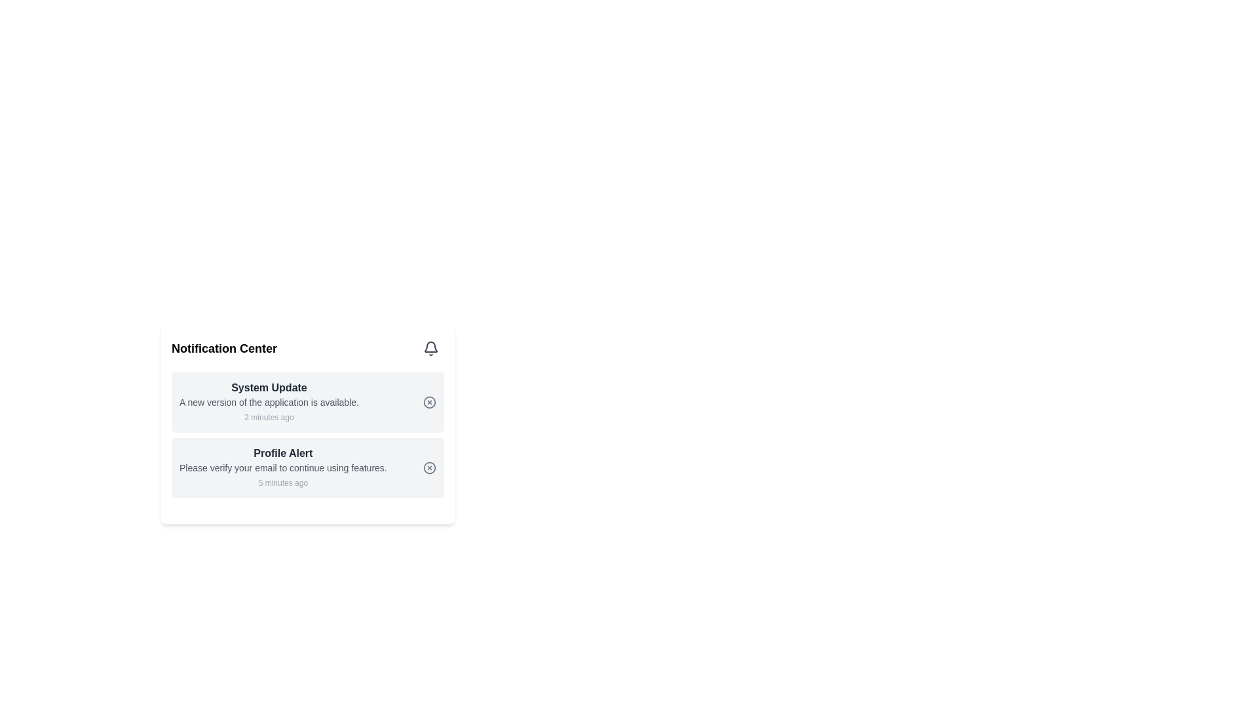 The image size is (1258, 708). I want to click on the bell icon located at the center-top of the 'Notification Center', so click(430, 348).